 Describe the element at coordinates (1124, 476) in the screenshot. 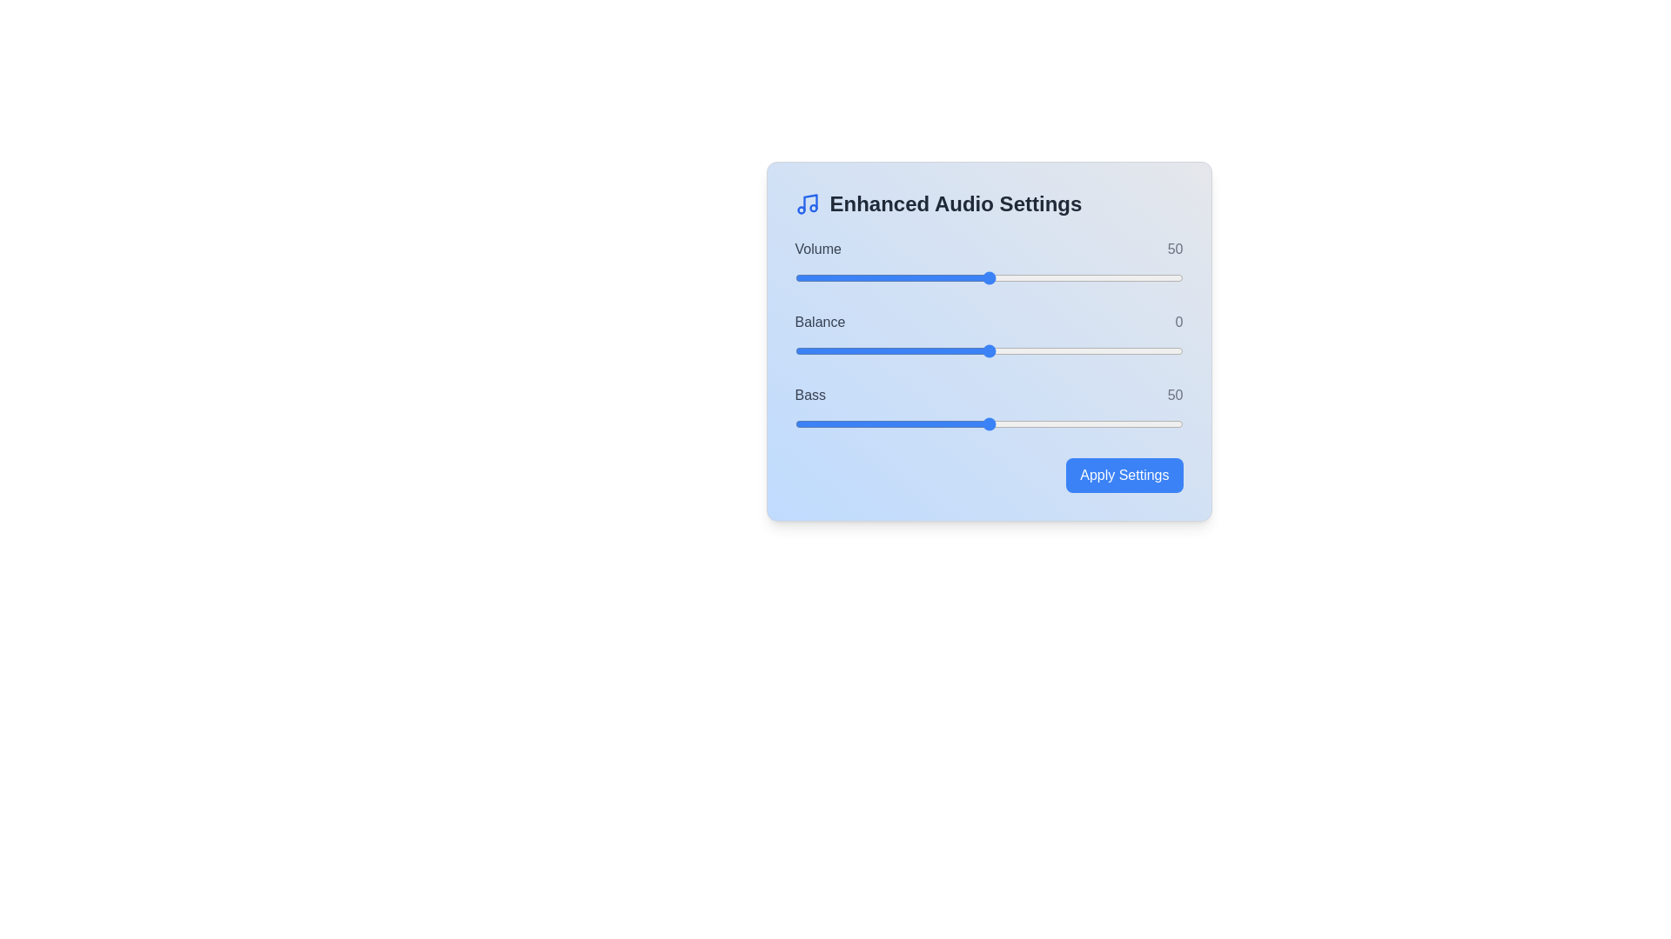

I see `the 'Apply Settings' button` at that location.